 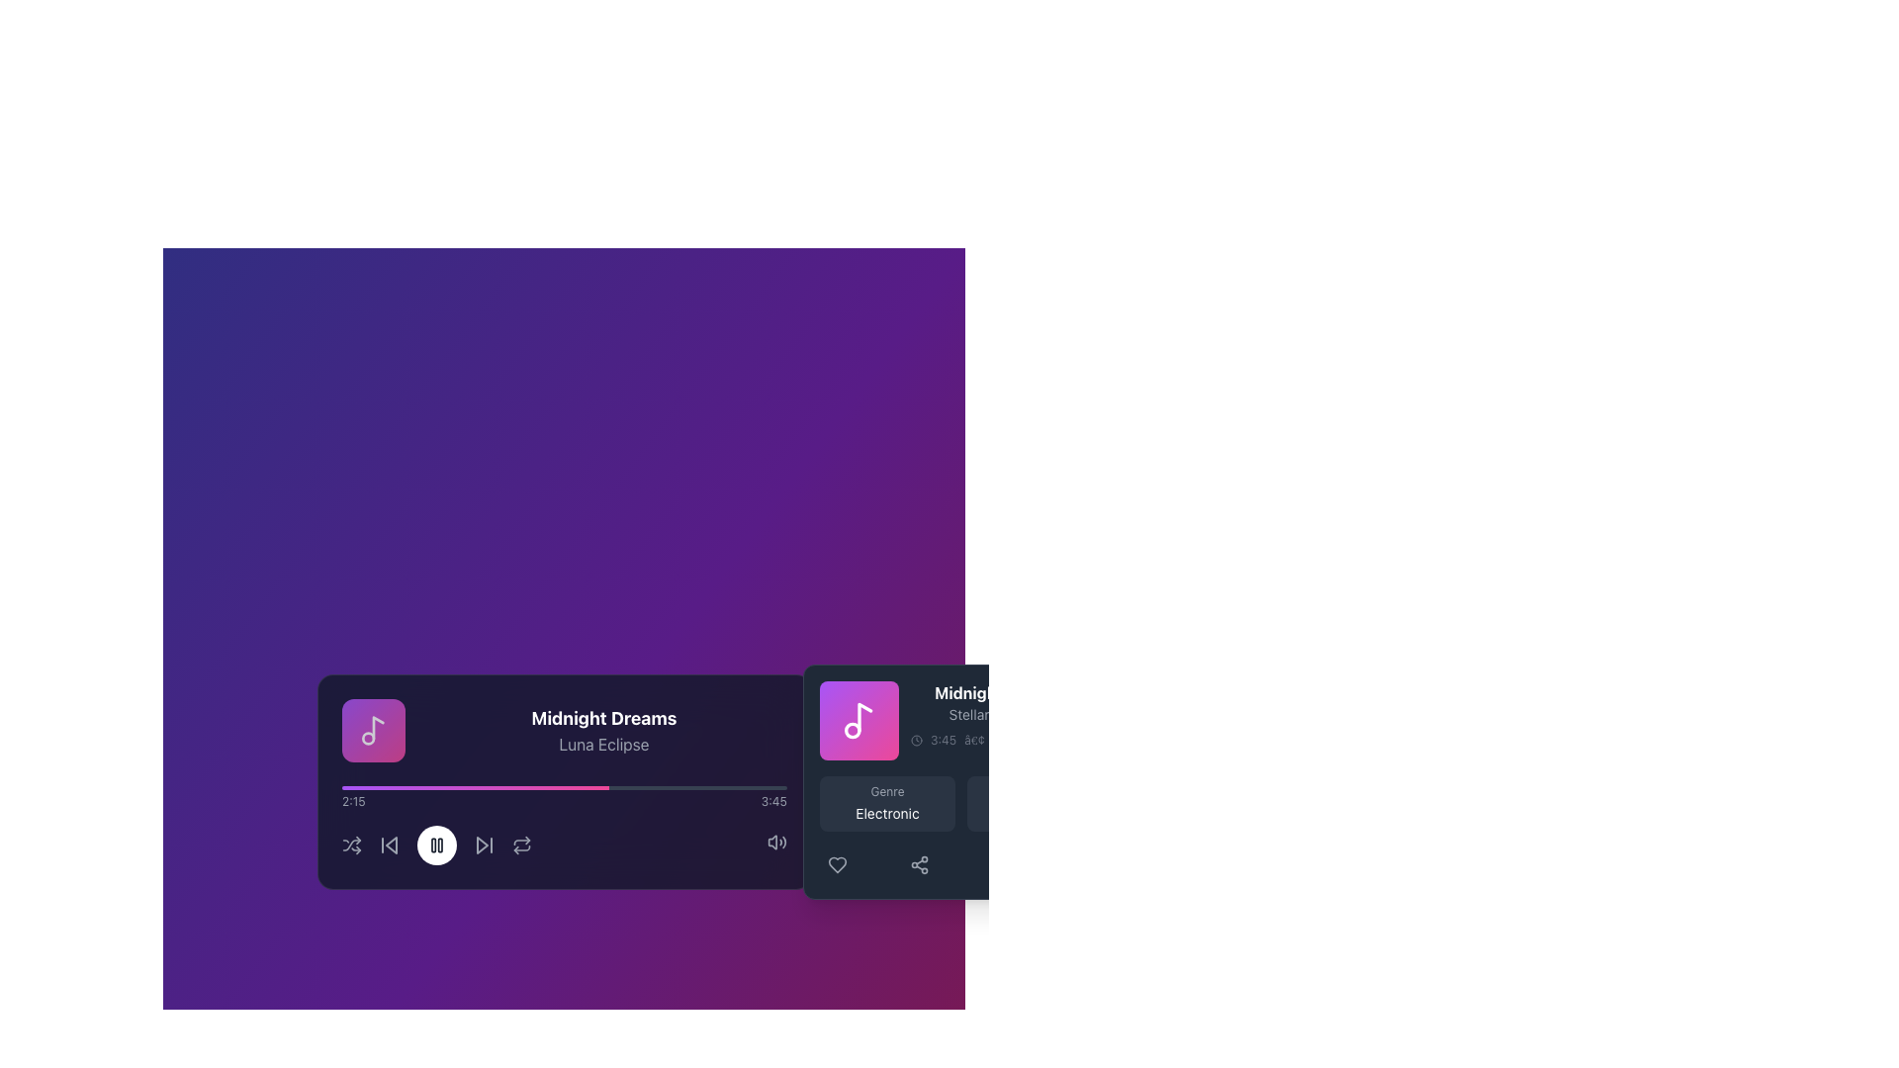 I want to click on the Share icon, which features a connected nodes motif in white line-art against a dark background, located at the bottom-right corner of the music track details section, so click(x=918, y=864).